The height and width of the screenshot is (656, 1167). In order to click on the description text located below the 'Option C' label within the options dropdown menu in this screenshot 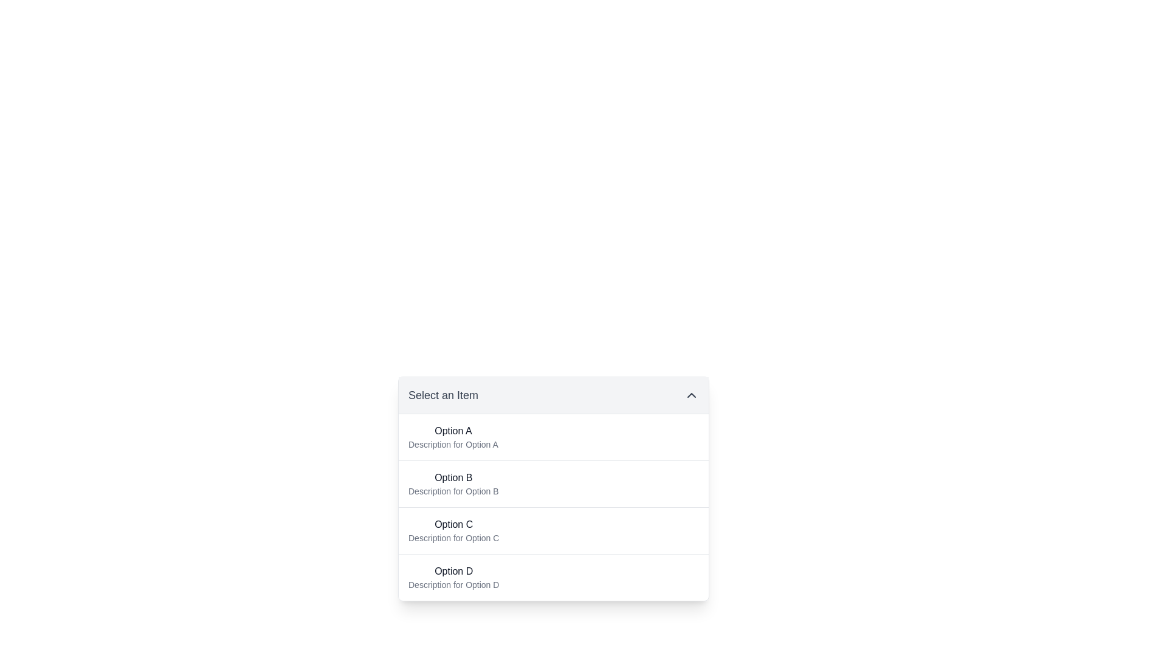, I will do `click(453, 538)`.